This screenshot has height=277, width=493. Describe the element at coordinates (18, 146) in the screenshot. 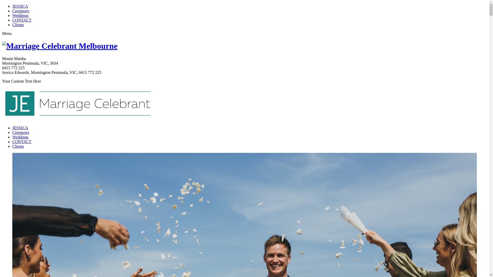

I see `'Clients'` at that location.